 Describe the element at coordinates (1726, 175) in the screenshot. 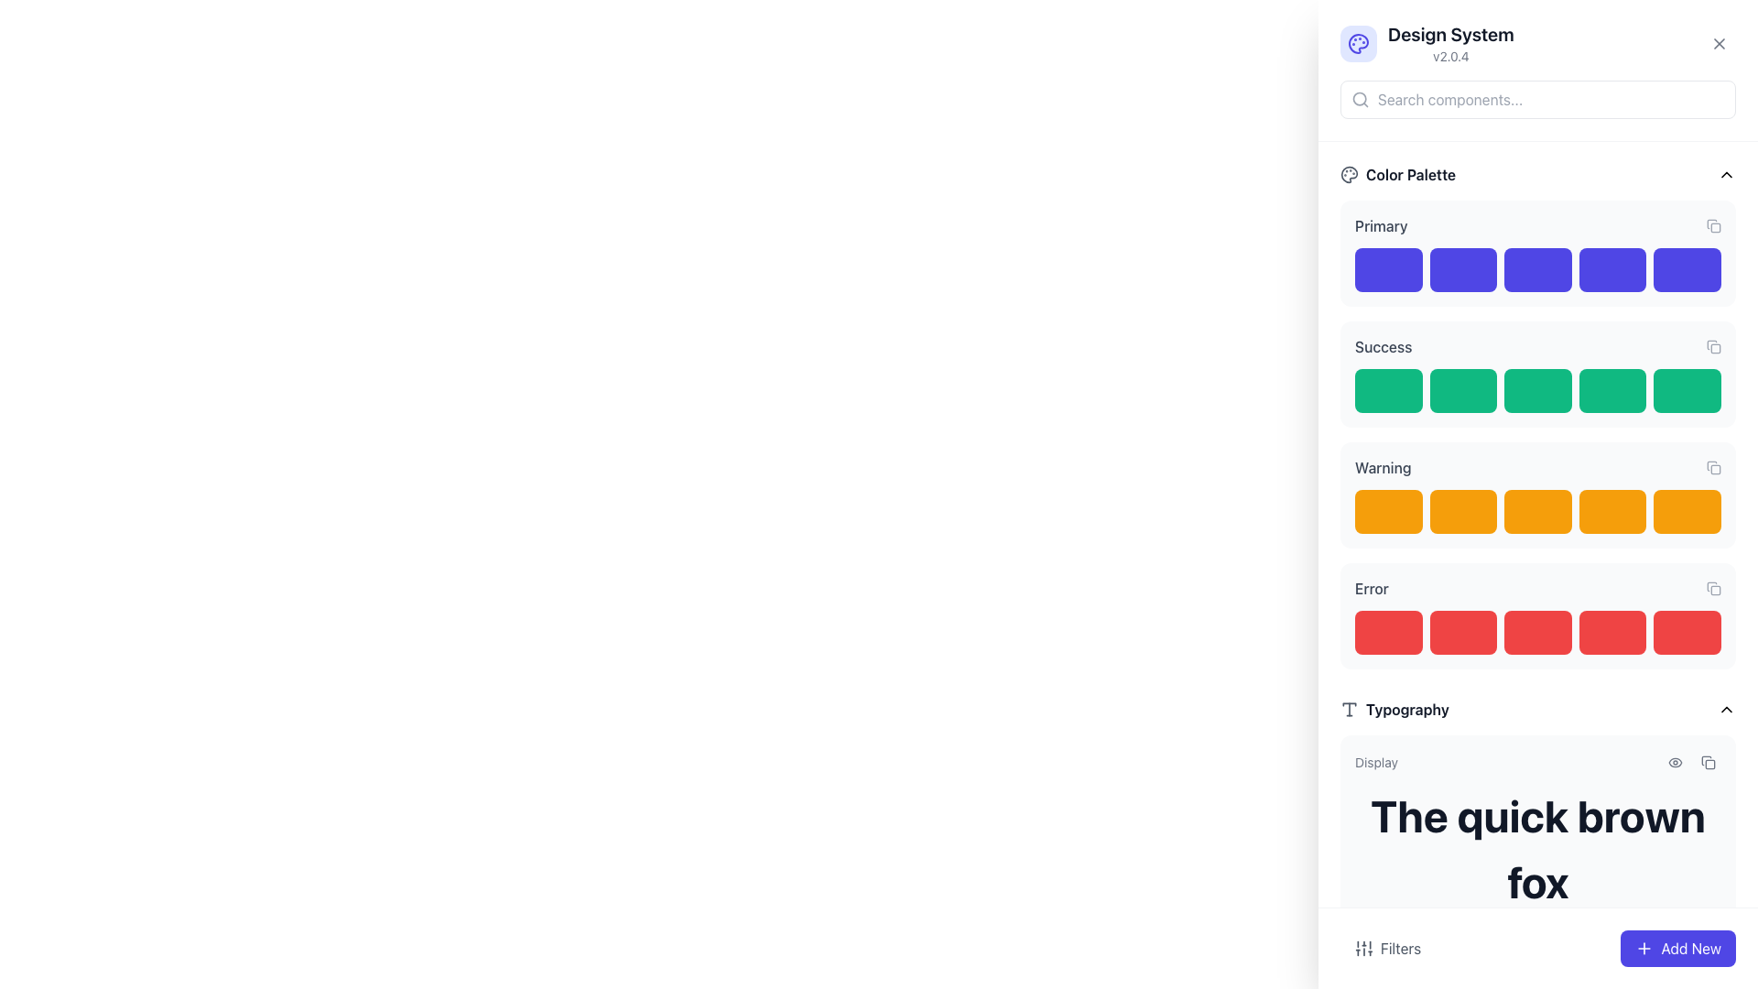

I see `the chevron icon button in the upper-right corner of the 'Color Palette' section header` at that location.